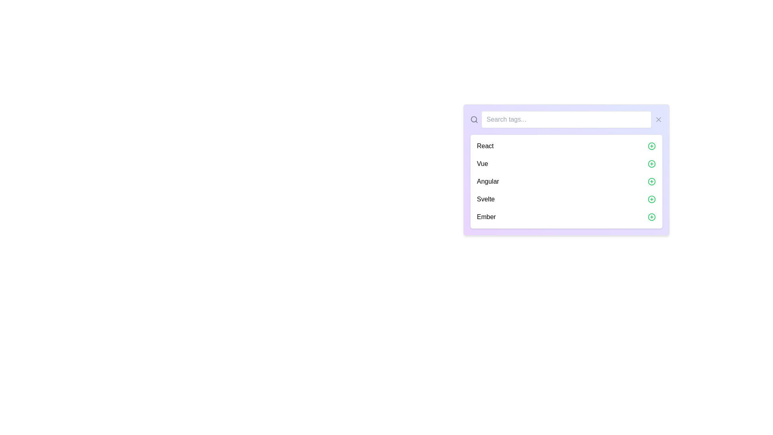 This screenshot has height=435, width=773. Describe the element at coordinates (651, 217) in the screenshot. I see `the green outlined circular shape within the plus sign icon located in the Ember entry of the tag list` at that location.